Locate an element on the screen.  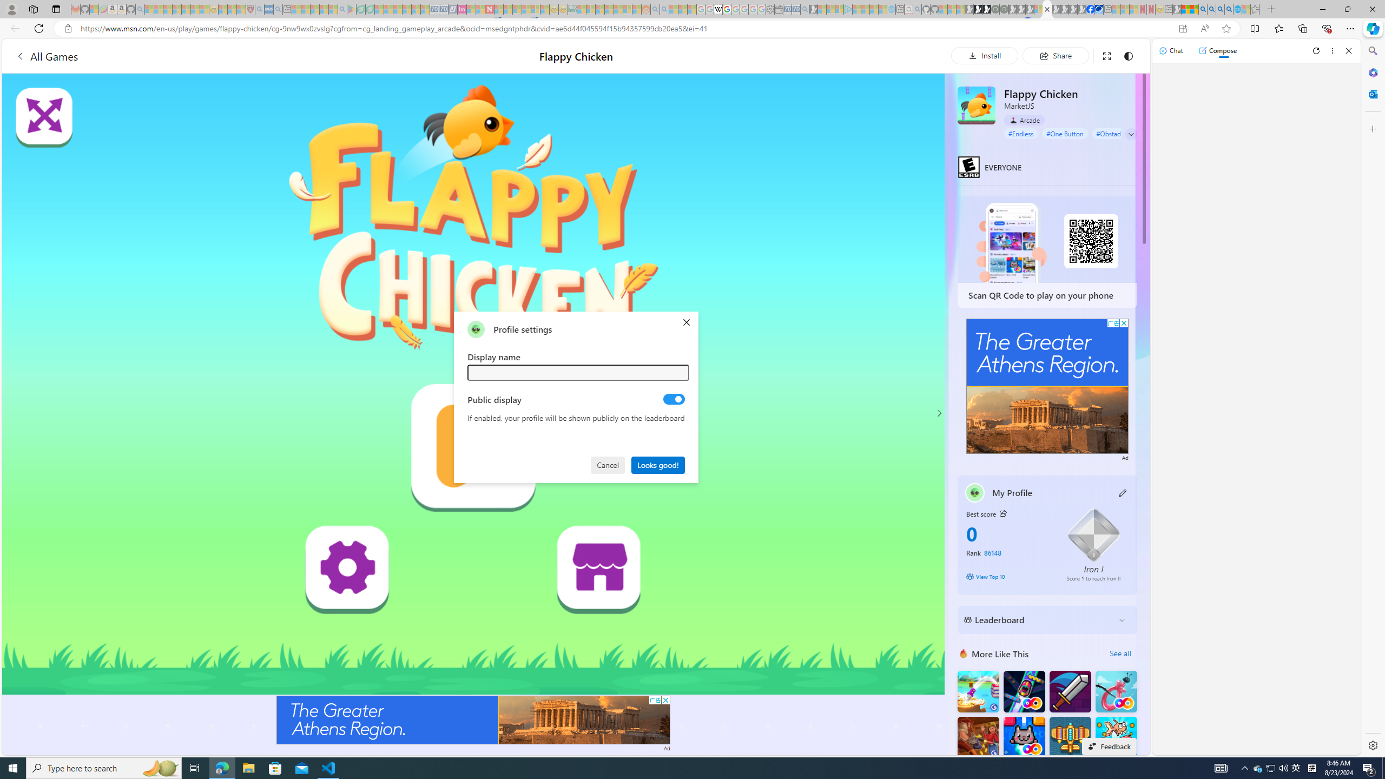
'Change to dark mode' is located at coordinates (1127, 55).